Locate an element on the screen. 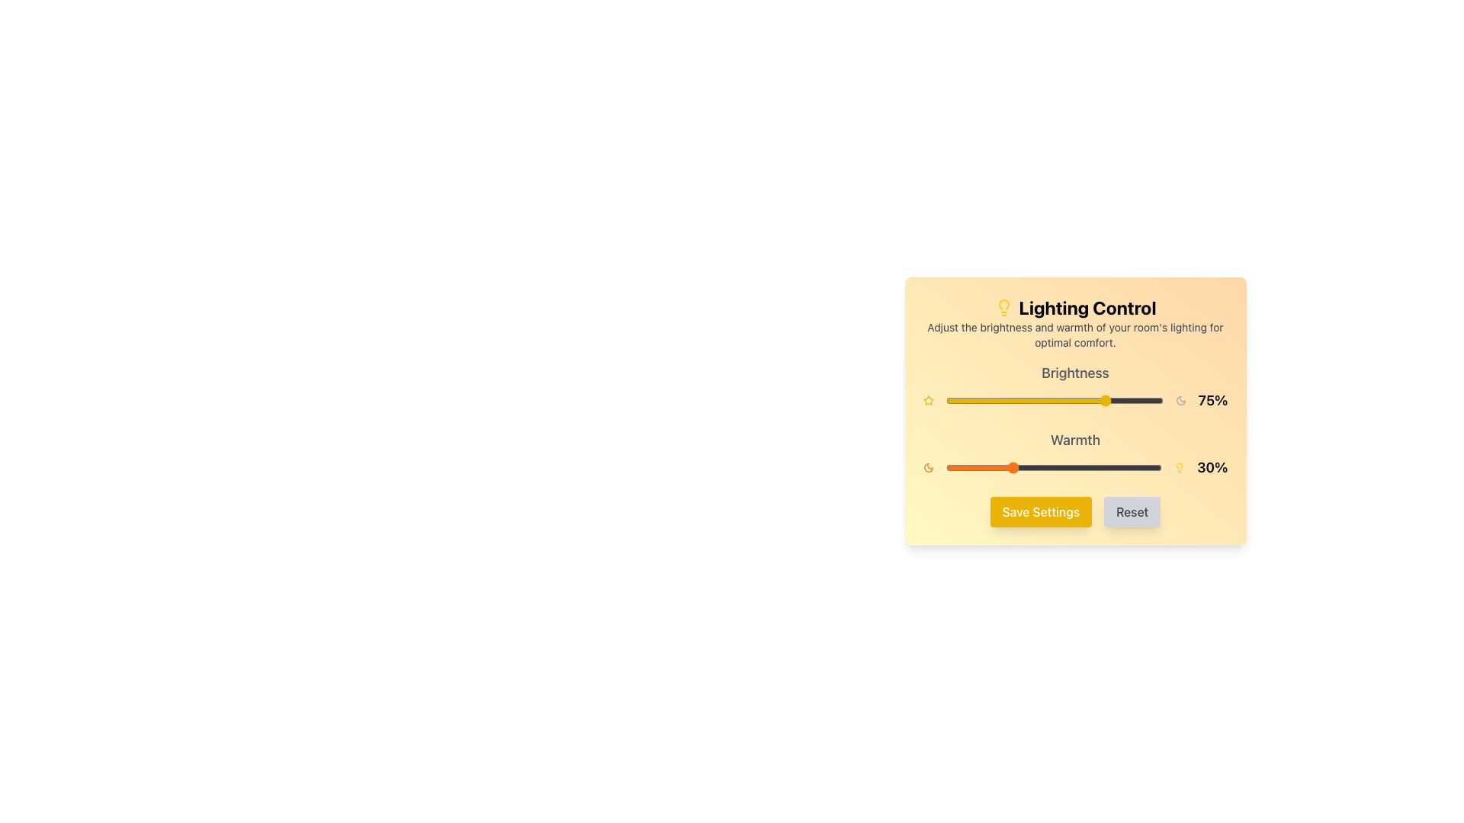 The width and height of the screenshot is (1464, 823). warmth is located at coordinates (987, 466).